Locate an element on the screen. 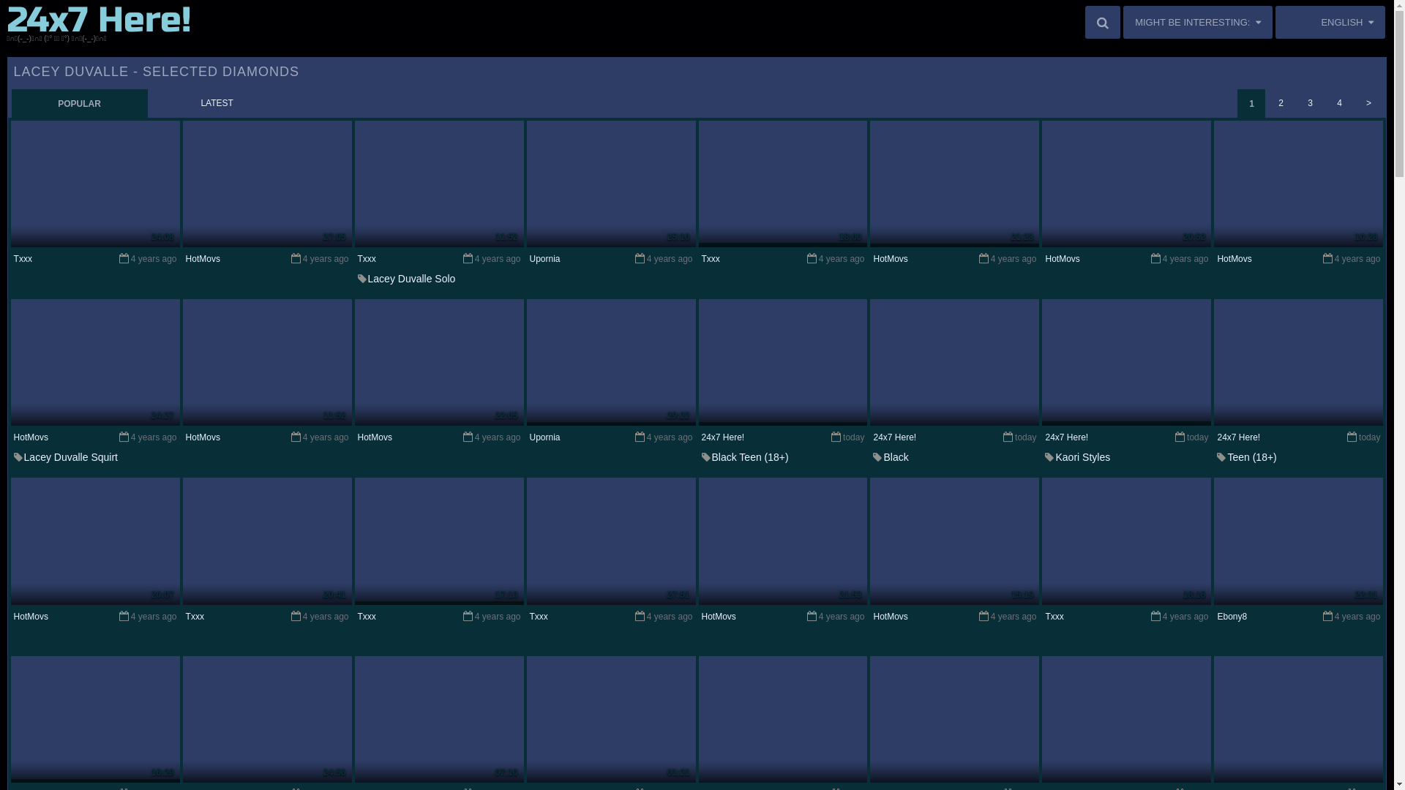  'MIGHT BE INTERESTING:' is located at coordinates (1197, 22).